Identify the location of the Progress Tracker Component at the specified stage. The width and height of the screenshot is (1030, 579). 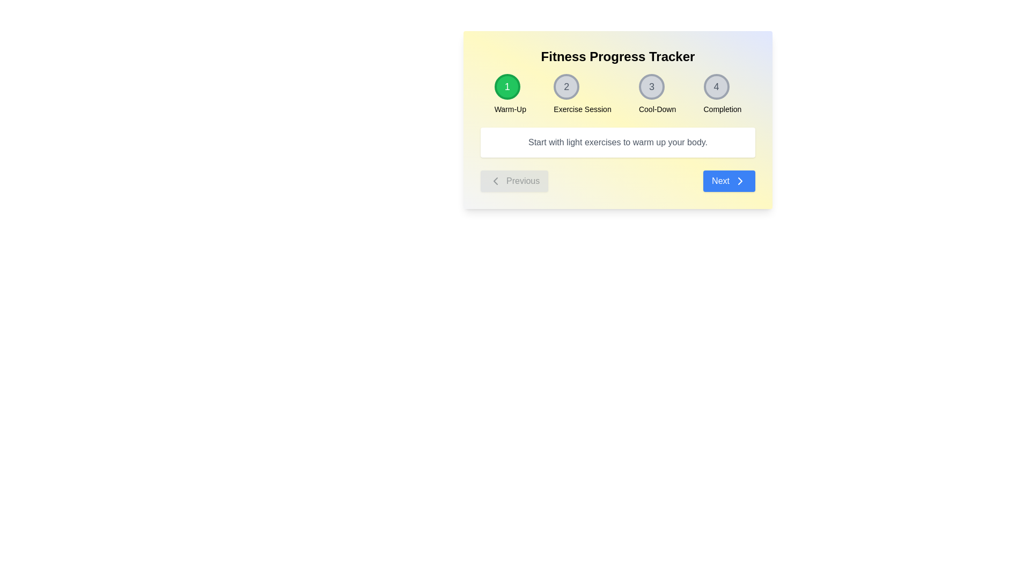
(618, 94).